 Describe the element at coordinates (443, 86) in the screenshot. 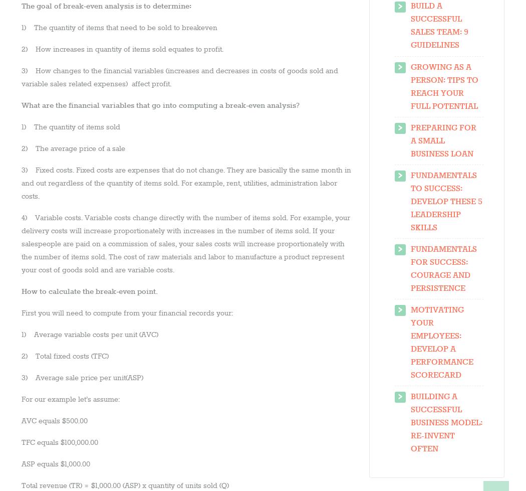

I see `'Growing as a Person: Tips to Reach Your Full Potential'` at that location.